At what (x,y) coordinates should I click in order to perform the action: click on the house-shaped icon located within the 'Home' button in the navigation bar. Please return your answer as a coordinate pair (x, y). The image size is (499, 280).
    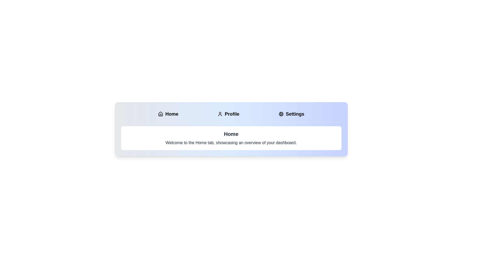
    Looking at the image, I should click on (160, 114).